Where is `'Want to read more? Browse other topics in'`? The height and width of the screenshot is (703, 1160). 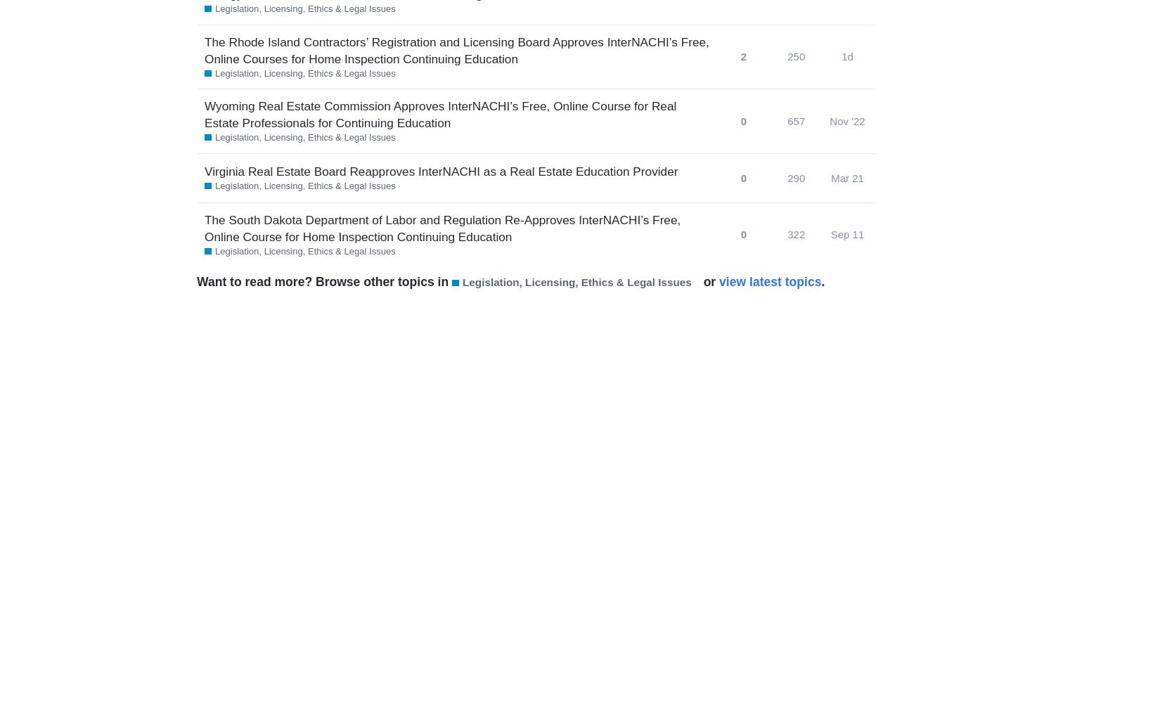 'Want to read more? Browse other topics in' is located at coordinates (323, 282).